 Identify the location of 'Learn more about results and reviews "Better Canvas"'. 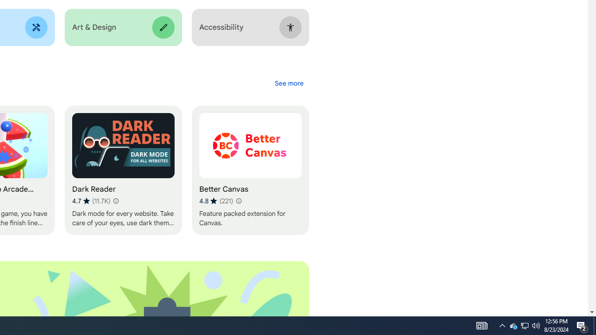
(238, 201).